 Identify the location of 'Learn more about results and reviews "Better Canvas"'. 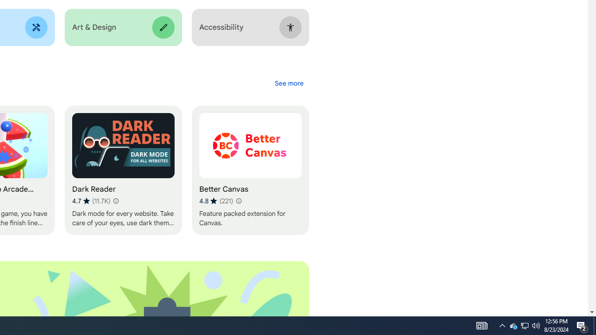
(238, 201).